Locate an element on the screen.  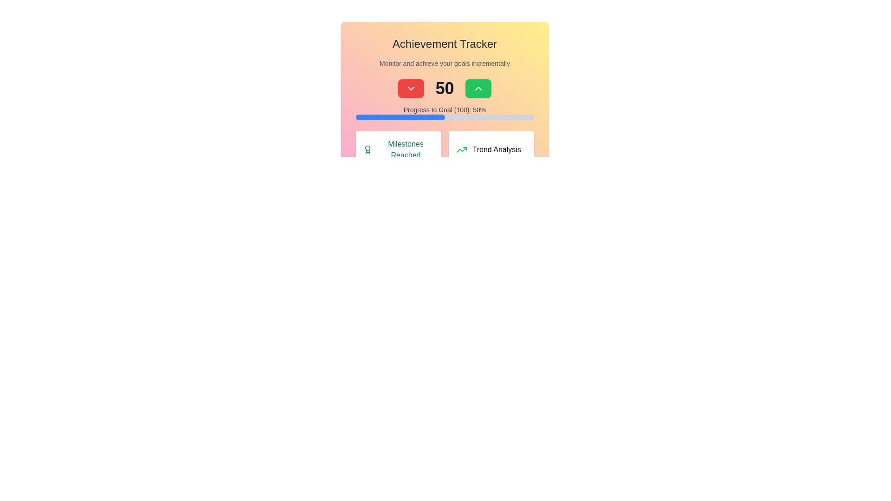
the progress percentage displayed in the progress bar labeled 'Progress to Goal (100): 50%' is located at coordinates (444, 112).